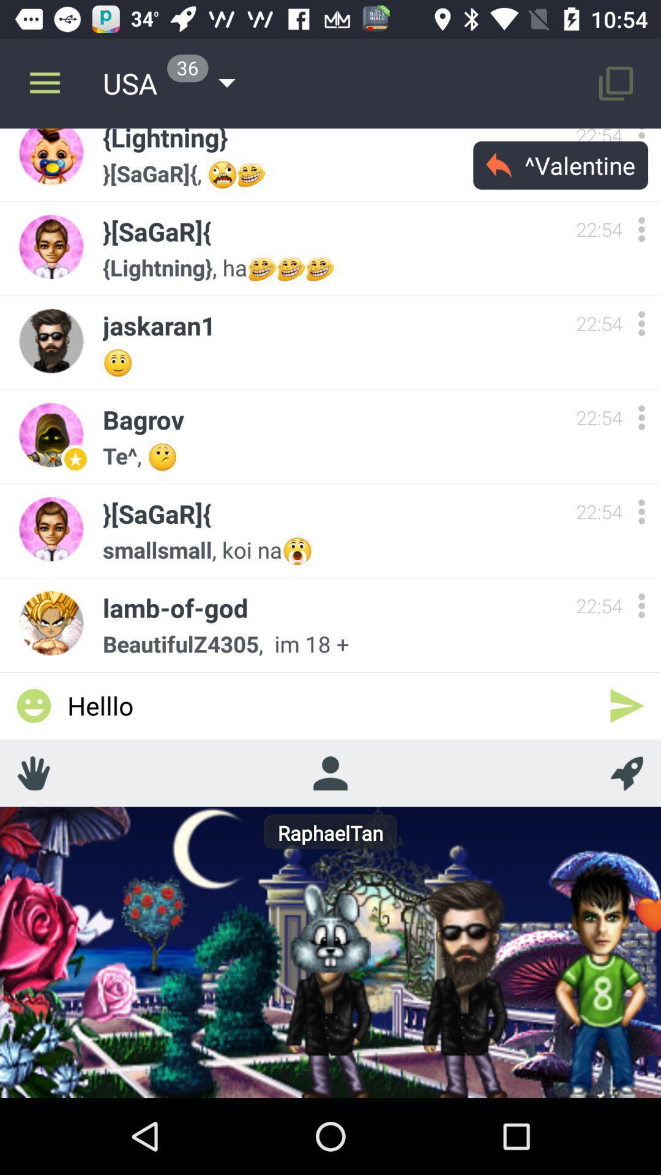  What do you see at coordinates (641, 512) in the screenshot?
I see `the more icon` at bounding box center [641, 512].